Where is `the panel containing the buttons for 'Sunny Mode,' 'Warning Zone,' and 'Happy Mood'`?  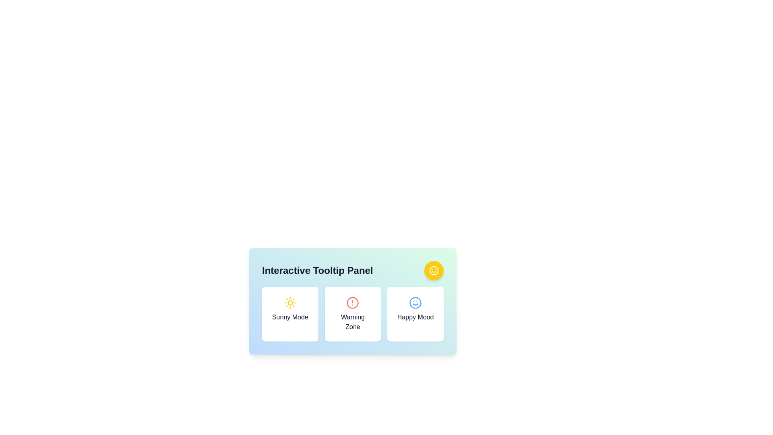
the panel containing the buttons for 'Sunny Mode,' 'Warning Zone,' and 'Happy Mood' is located at coordinates (353, 301).